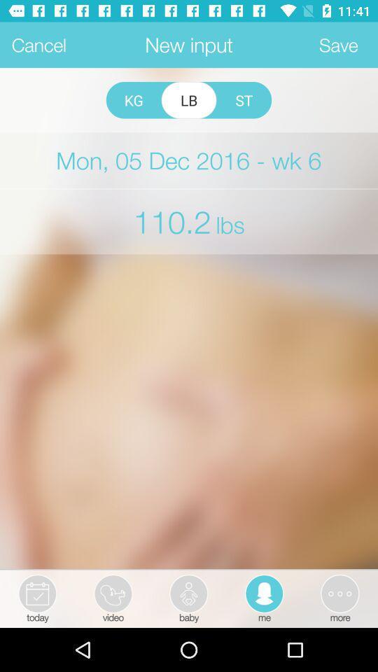 This screenshot has width=378, height=672. Describe the element at coordinates (189, 99) in the screenshot. I see `the item next to st item` at that location.